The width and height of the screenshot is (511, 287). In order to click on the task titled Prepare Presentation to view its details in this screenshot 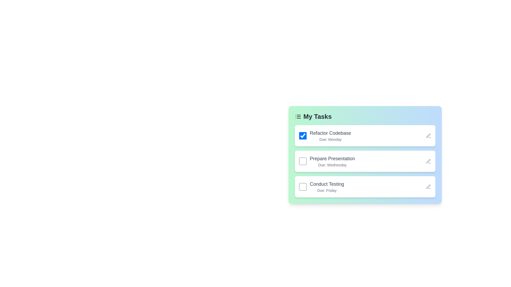, I will do `click(365, 161)`.